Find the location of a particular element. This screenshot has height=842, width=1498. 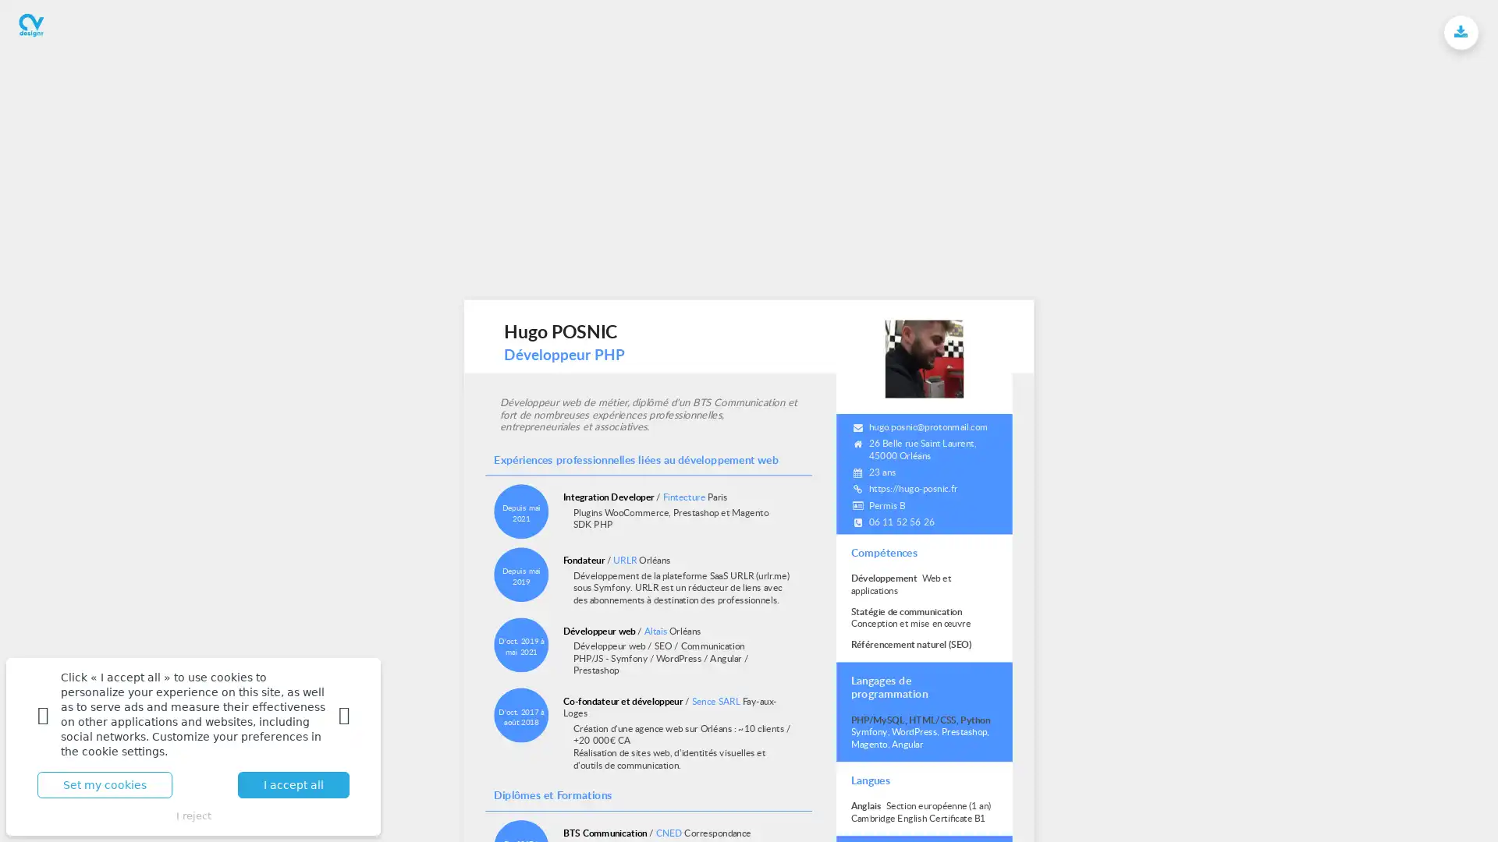

Set my cookies is located at coordinates (104, 784).